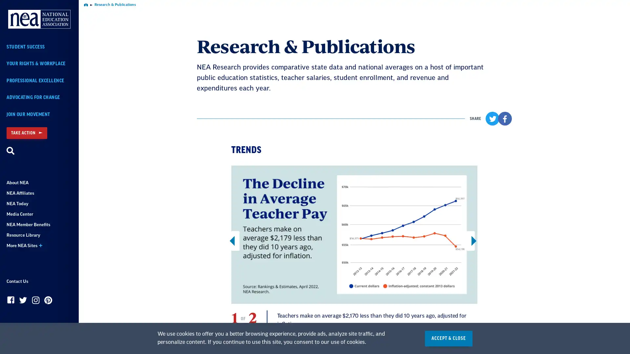  What do you see at coordinates (10, 151) in the screenshot?
I see `Search` at bounding box center [10, 151].